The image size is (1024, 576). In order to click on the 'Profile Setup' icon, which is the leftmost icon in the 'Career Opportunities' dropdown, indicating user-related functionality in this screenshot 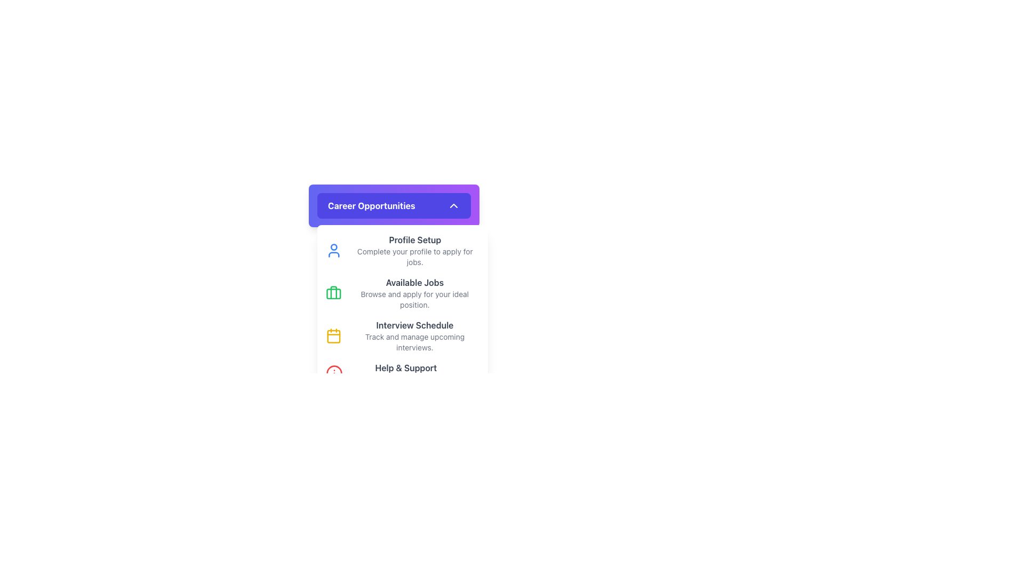, I will do `click(333, 251)`.